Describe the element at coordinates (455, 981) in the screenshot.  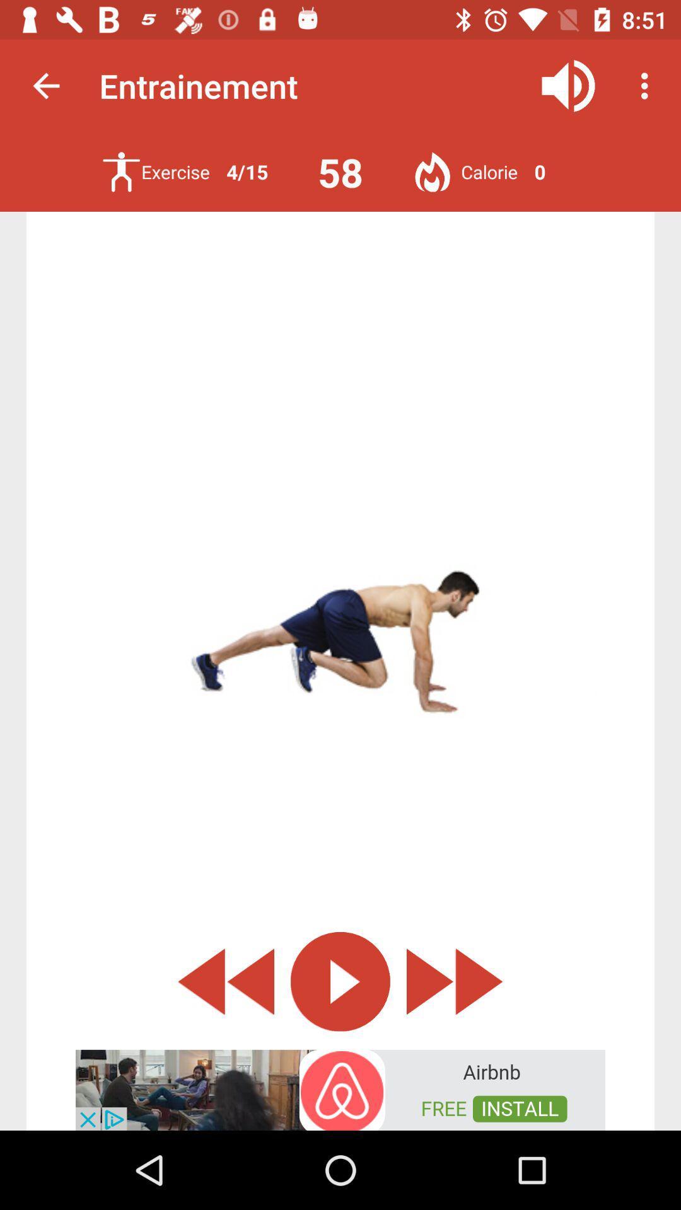
I see `next video go start button` at that location.